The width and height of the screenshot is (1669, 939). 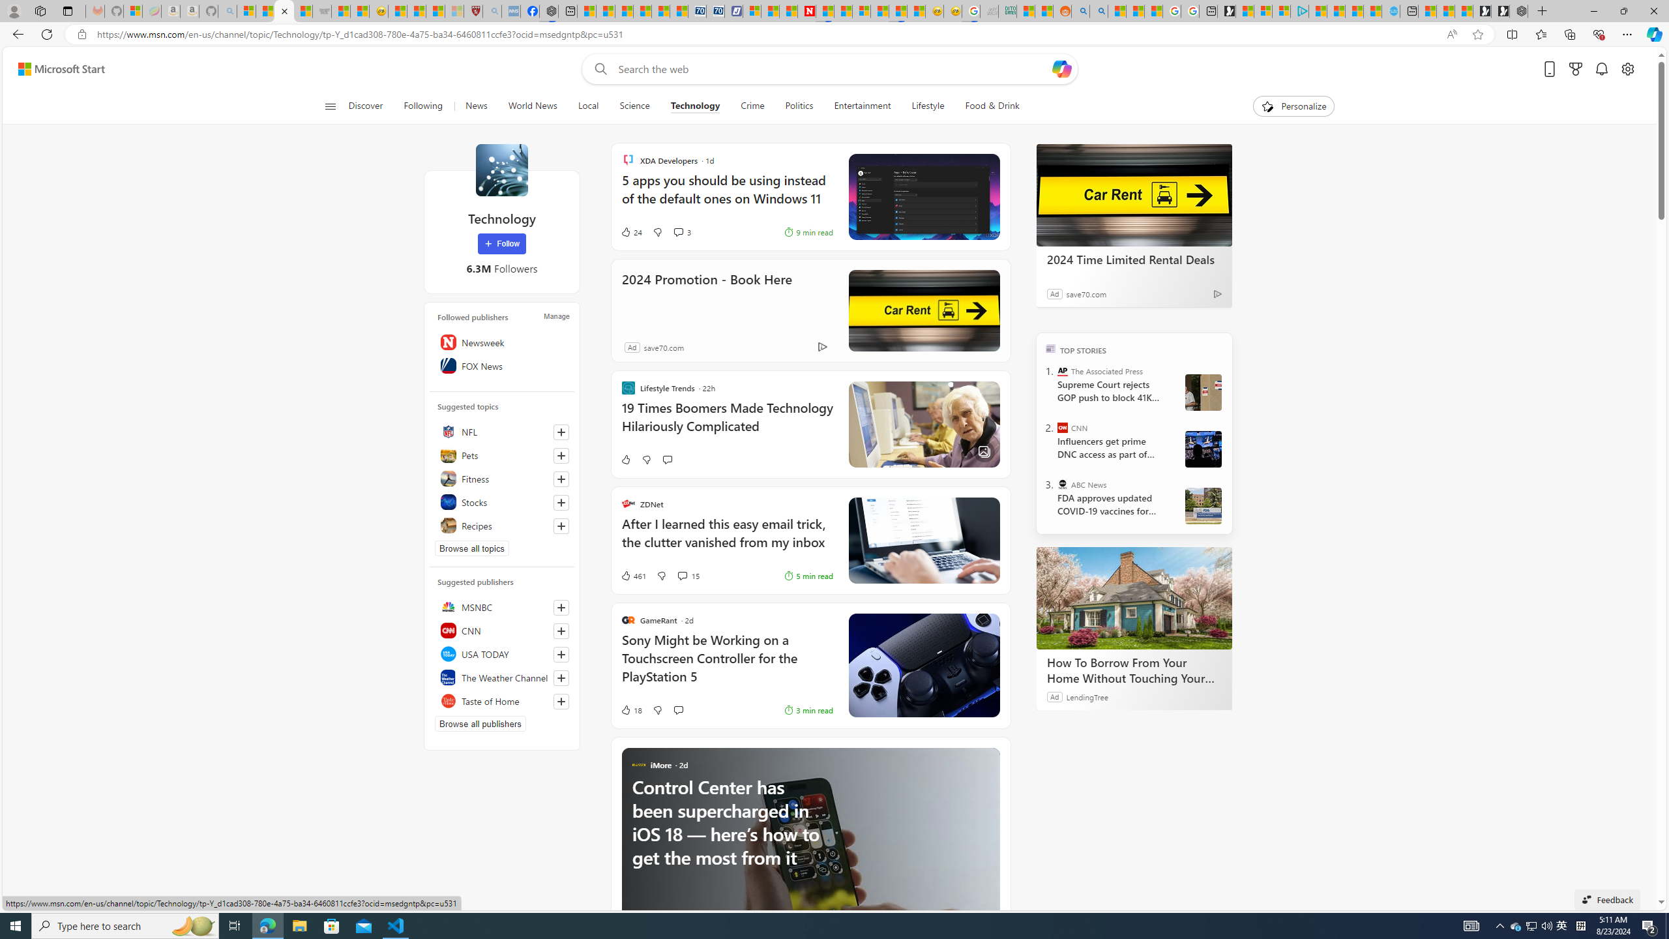 What do you see at coordinates (715, 10) in the screenshot?
I see `'Cheap Hotels - Save70.com'` at bounding box center [715, 10].